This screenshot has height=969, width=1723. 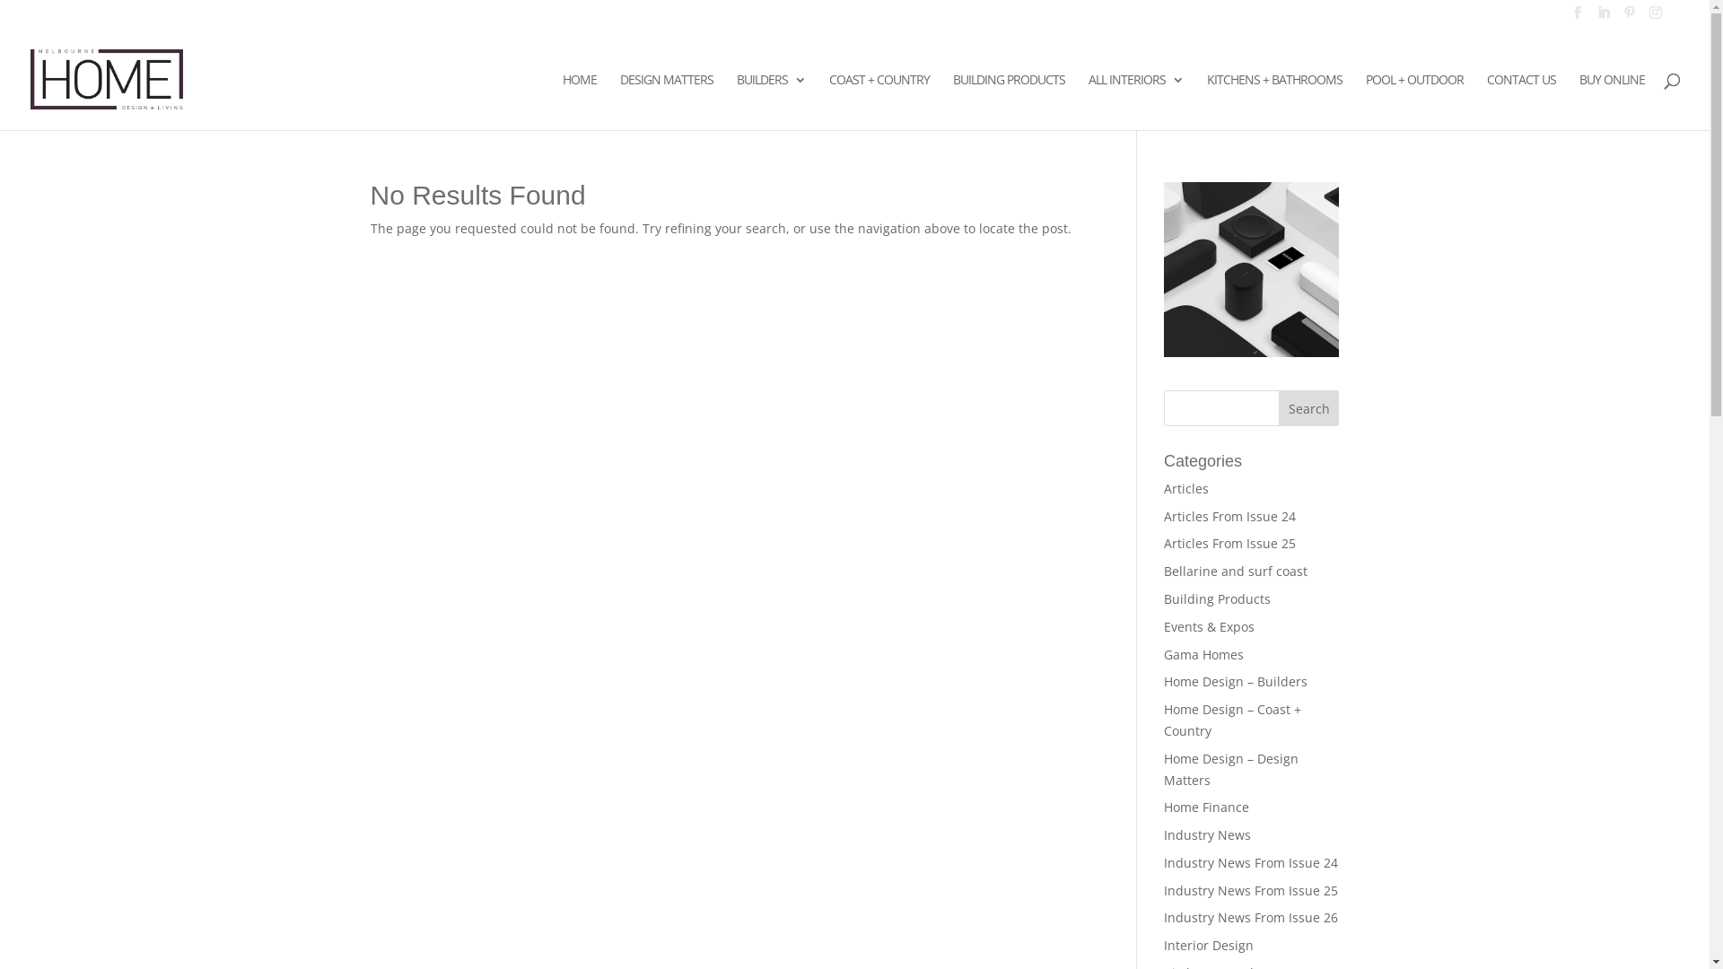 What do you see at coordinates (1009, 101) in the screenshot?
I see `'BUILDING PRODUCTS'` at bounding box center [1009, 101].